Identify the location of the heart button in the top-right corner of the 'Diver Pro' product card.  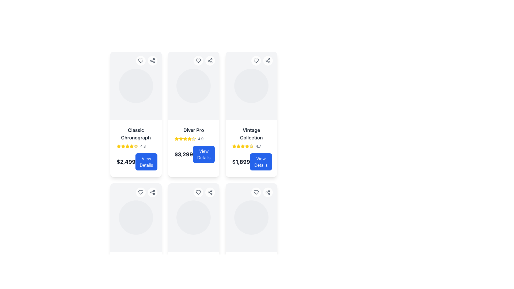
(198, 60).